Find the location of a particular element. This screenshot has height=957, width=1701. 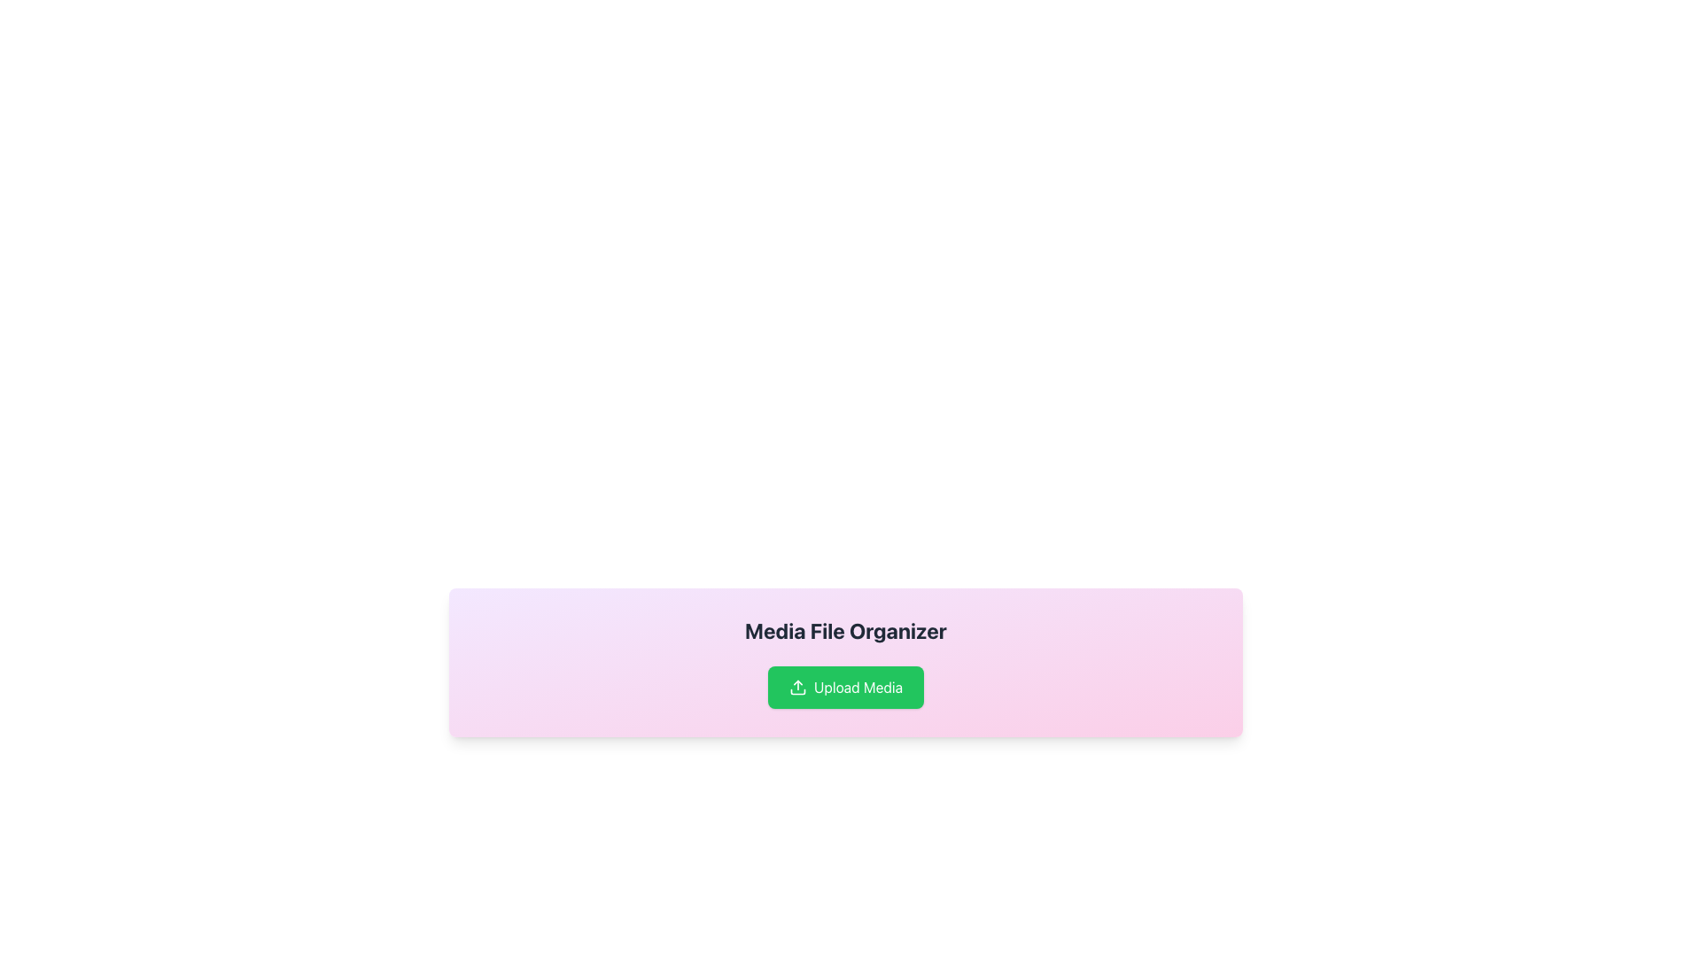

the button for uploading media files located below the 'Media File Organizer' heading is located at coordinates (845, 686).